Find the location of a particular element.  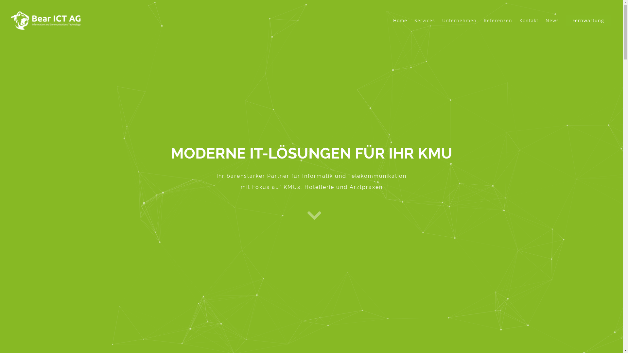

'Kontakt' is located at coordinates (529, 25).